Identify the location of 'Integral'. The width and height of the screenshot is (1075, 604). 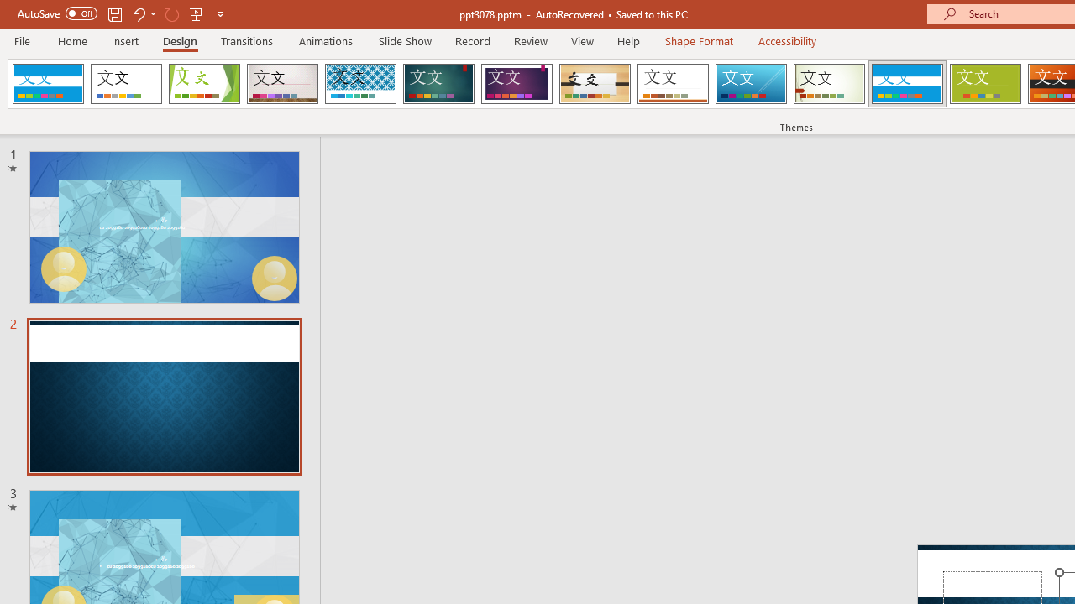
(359, 84).